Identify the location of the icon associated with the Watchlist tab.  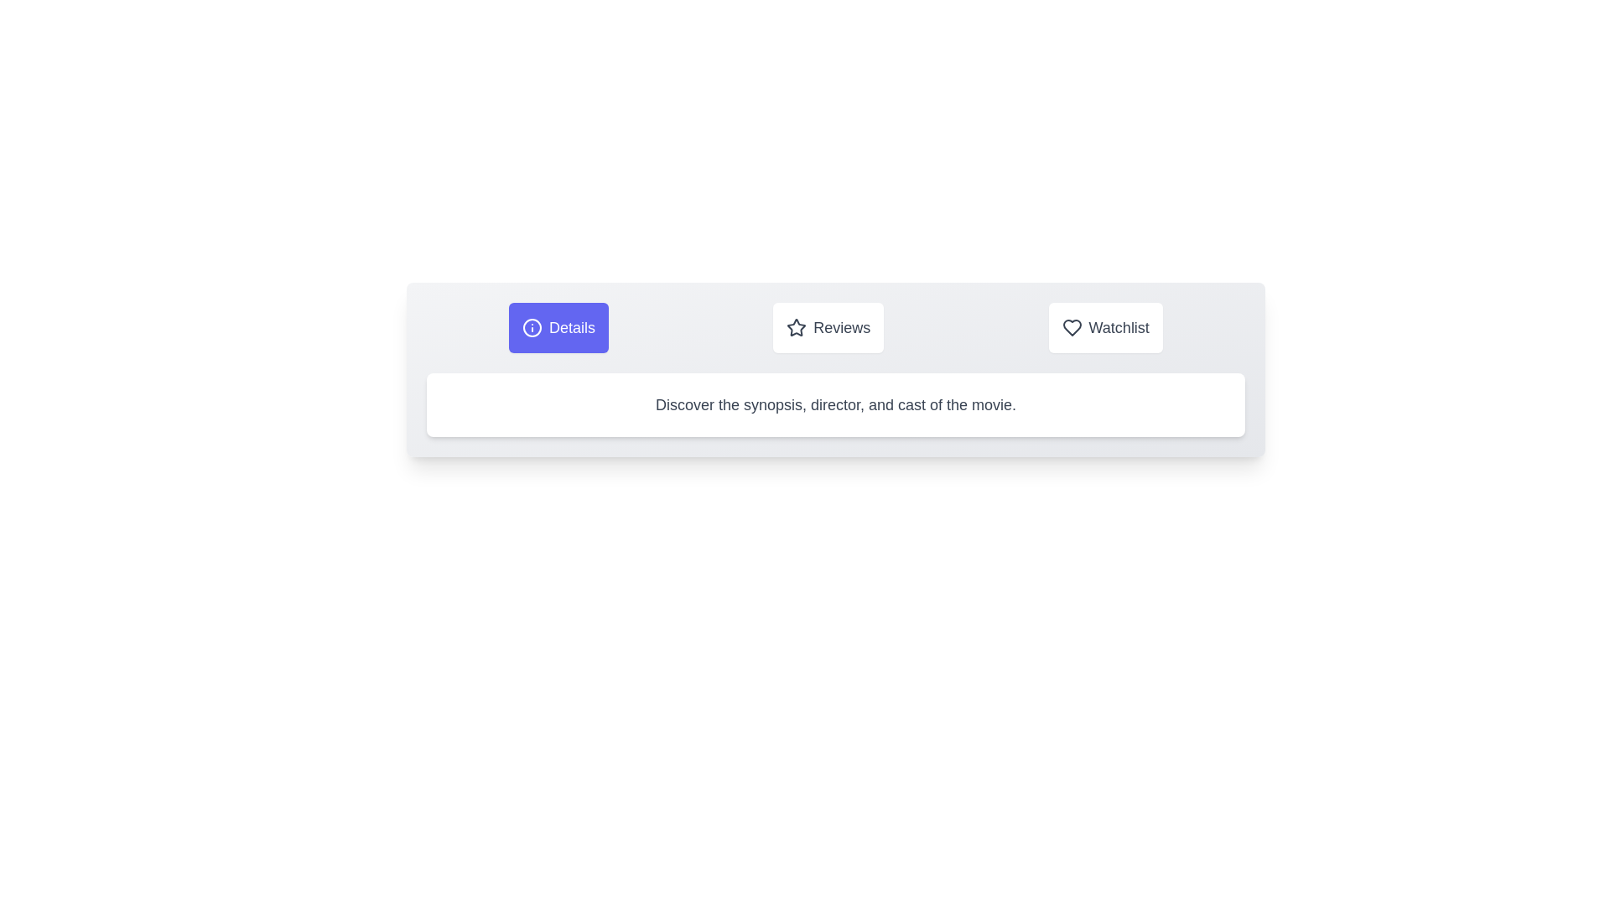
(1071, 327).